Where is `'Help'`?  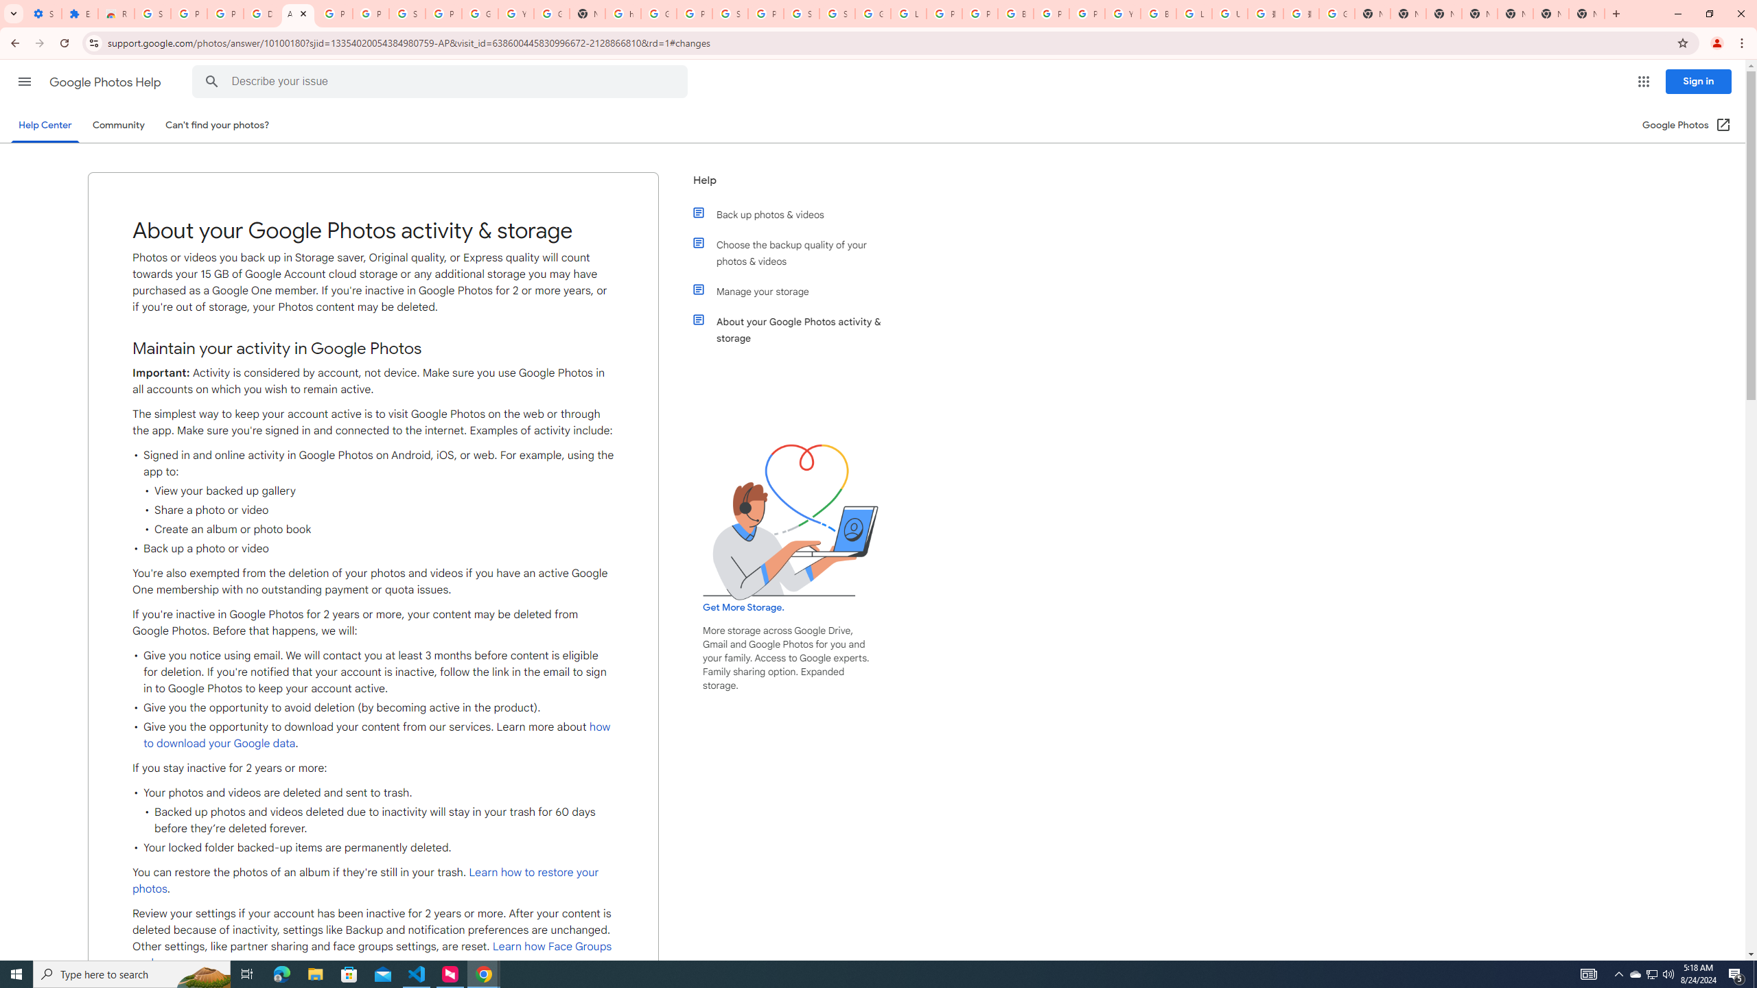
'Help' is located at coordinates (791, 185).